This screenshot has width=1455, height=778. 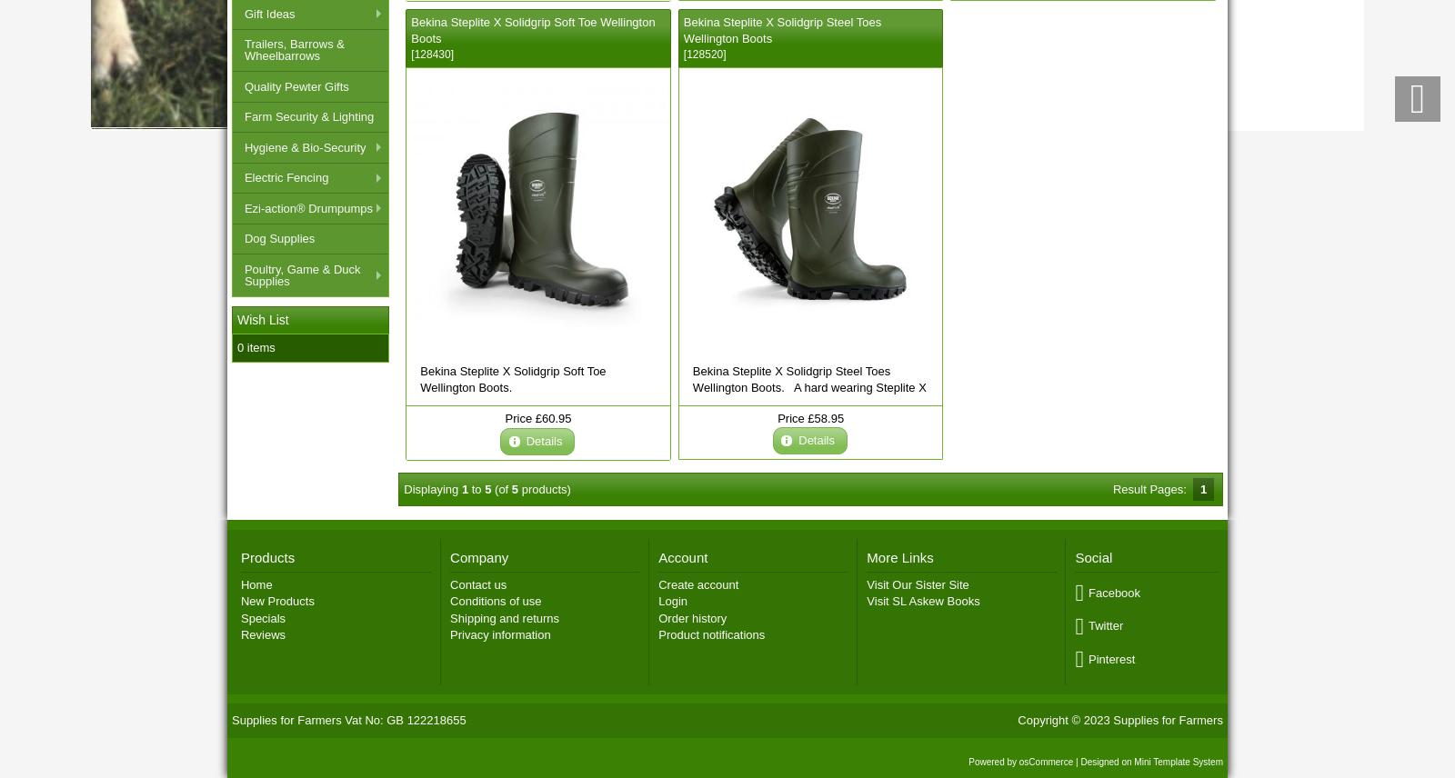 What do you see at coordinates (923, 601) in the screenshot?
I see `'Visit SL Askew Books'` at bounding box center [923, 601].